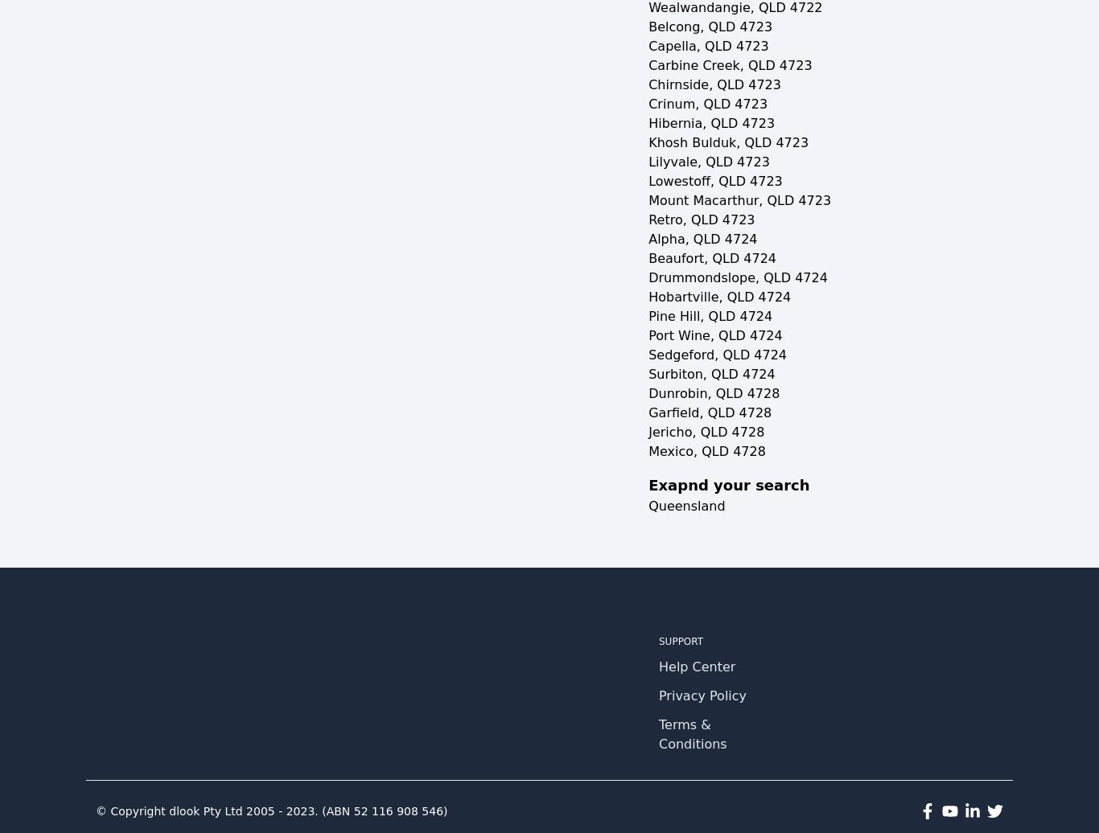  Describe the element at coordinates (647, 258) in the screenshot. I see `'Beaufort, QLD 4724'` at that location.